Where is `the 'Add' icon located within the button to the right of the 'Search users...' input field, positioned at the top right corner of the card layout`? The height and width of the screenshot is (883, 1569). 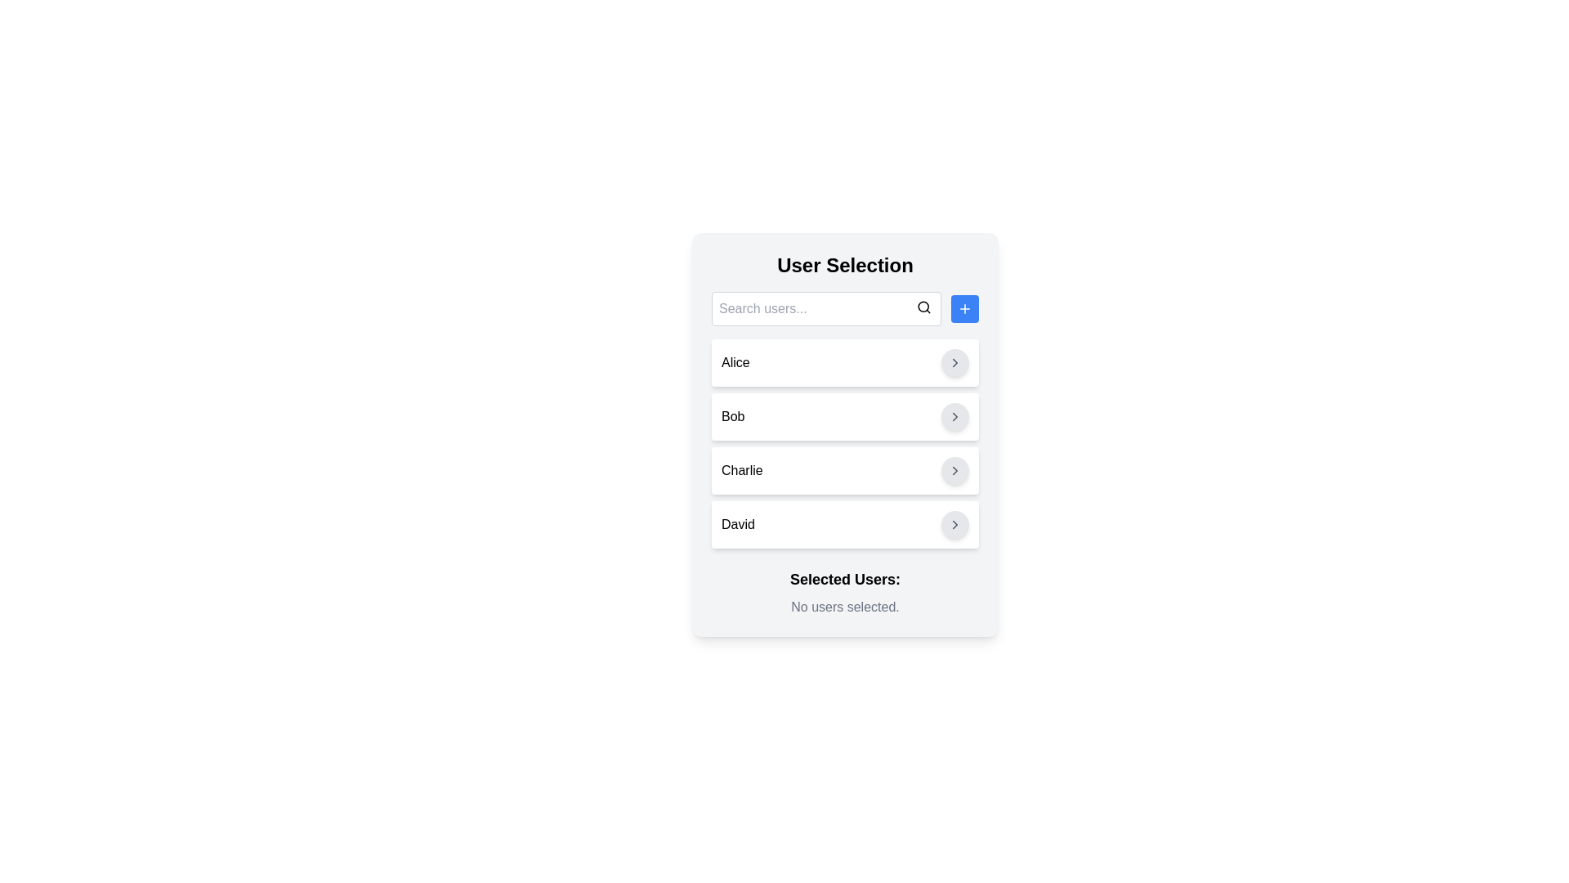
the 'Add' icon located within the button to the right of the 'Search users...' input field, positioned at the top right corner of the card layout is located at coordinates (964, 309).